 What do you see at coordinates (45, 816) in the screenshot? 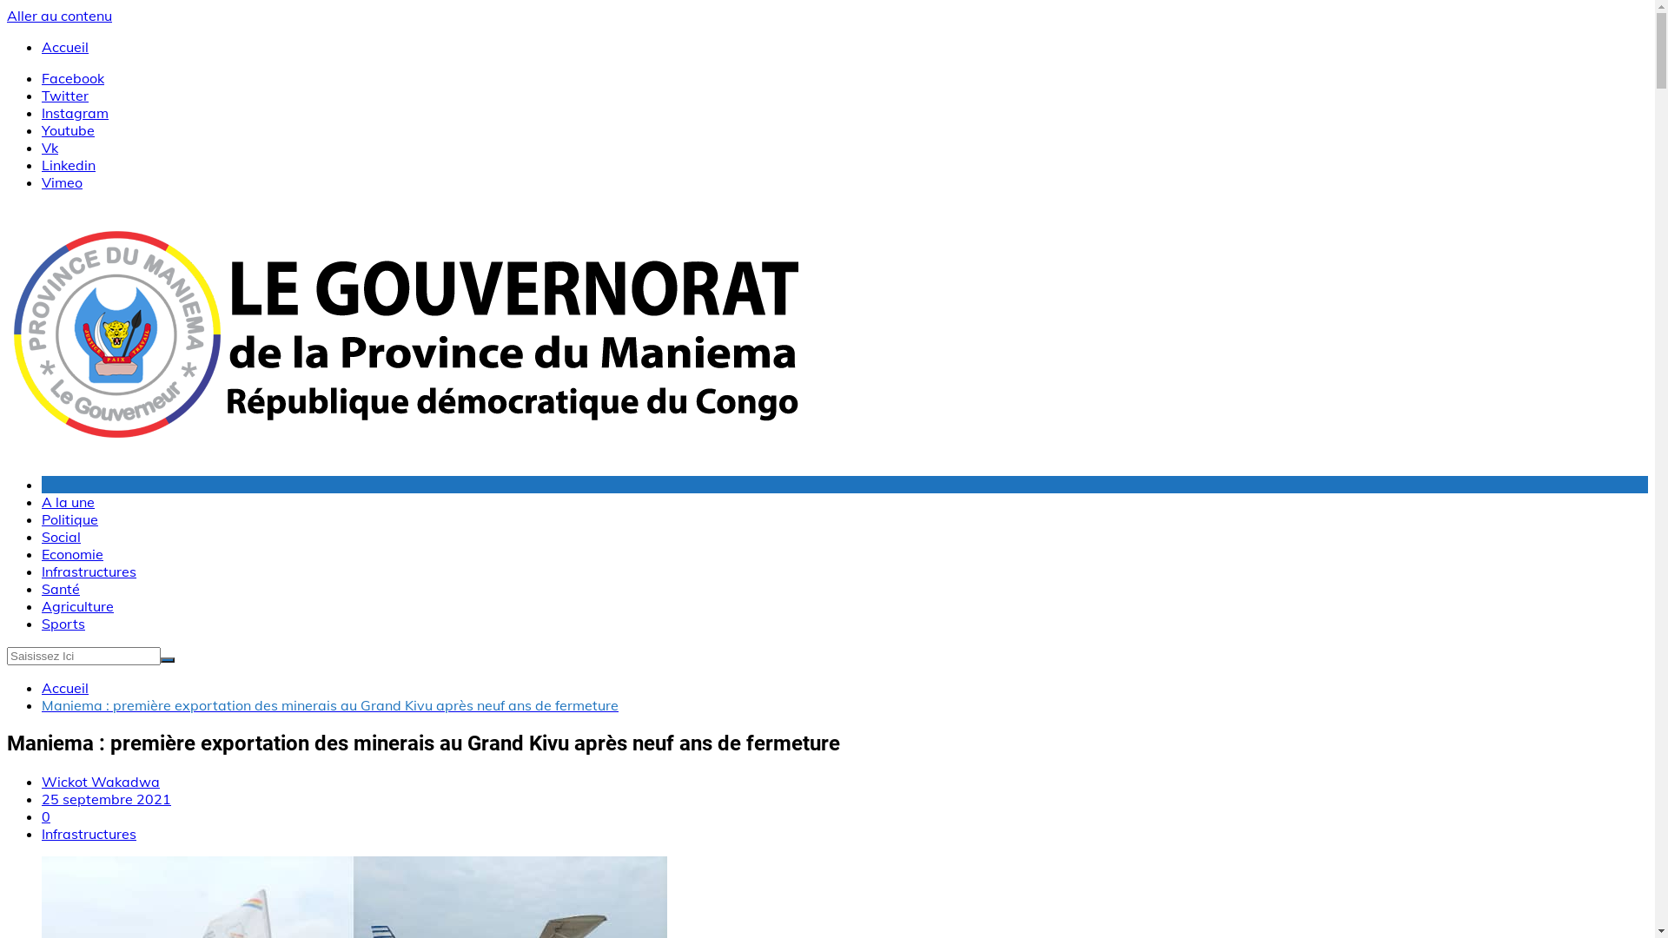
I see `'0'` at bounding box center [45, 816].